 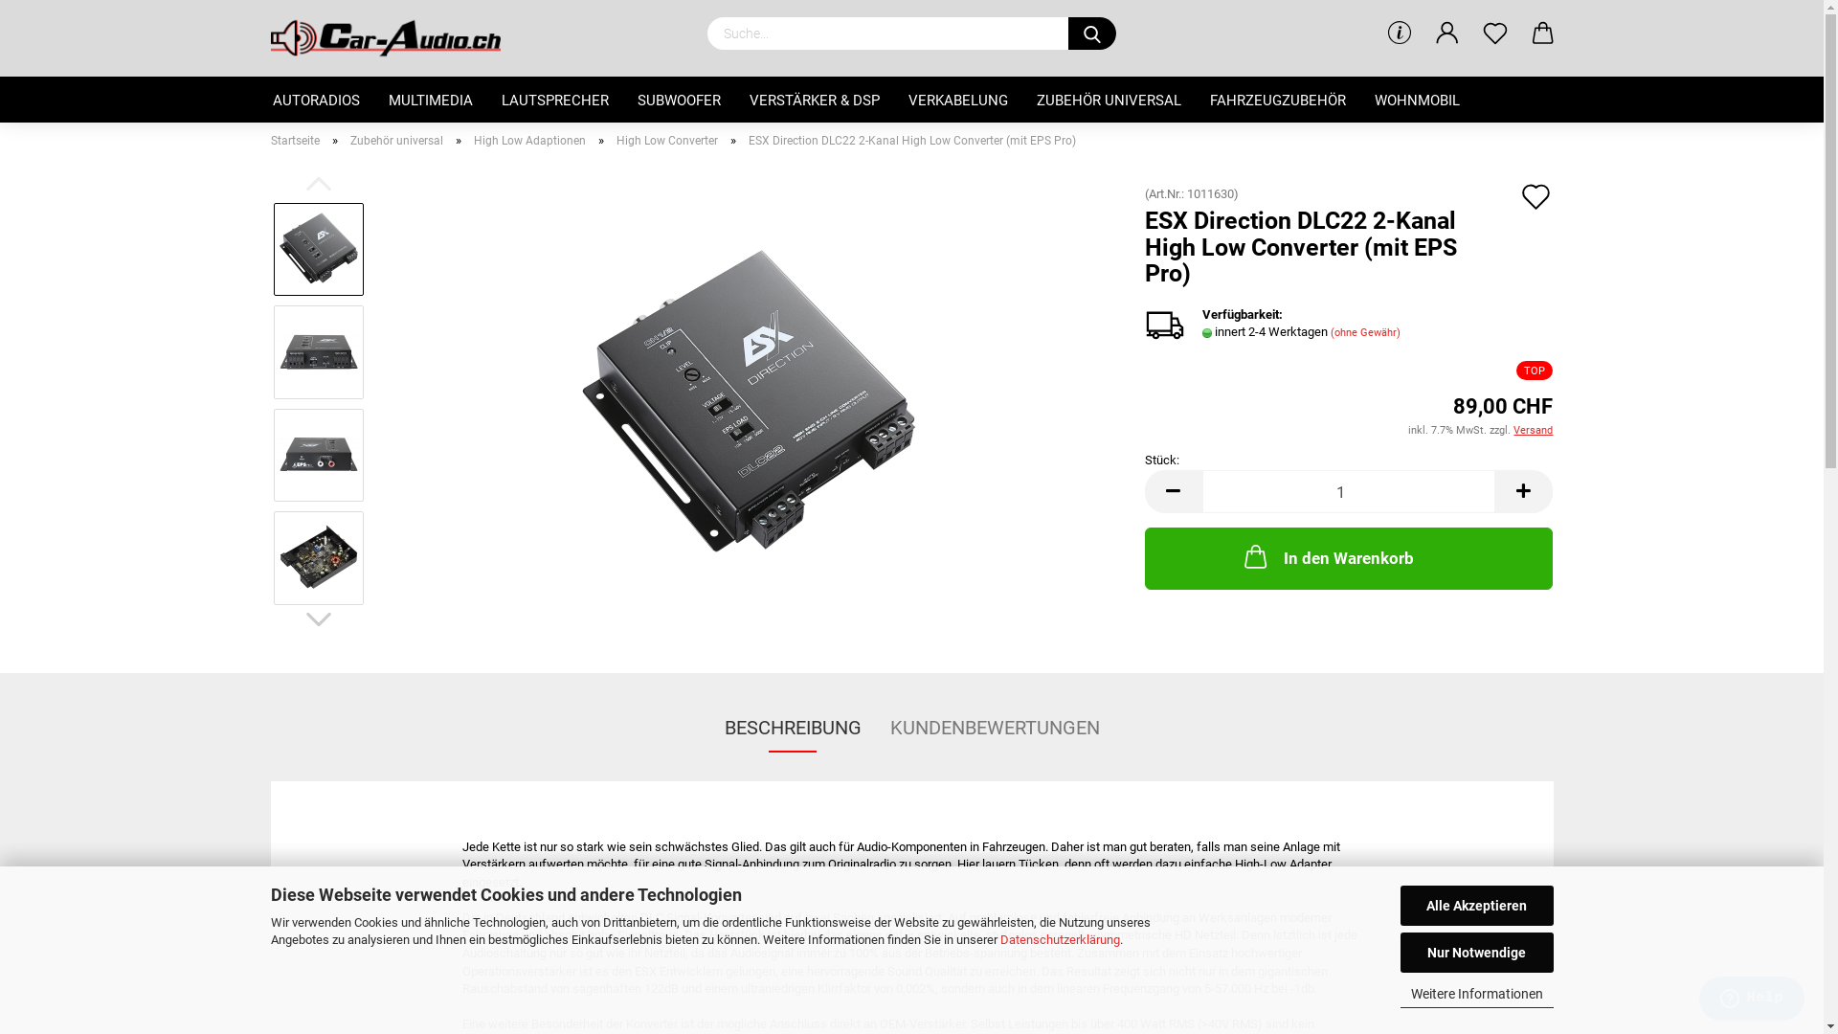 I want to click on 'High Low Converter', so click(x=666, y=139).